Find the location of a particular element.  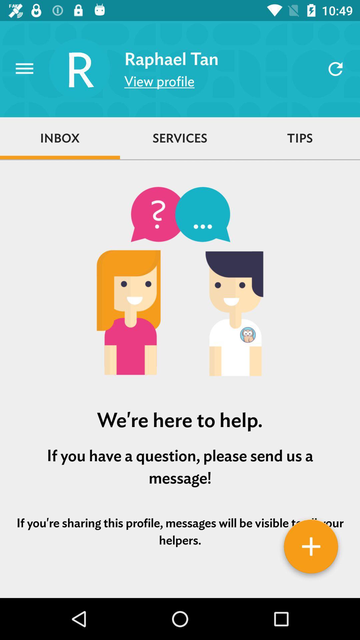

the refresh icon is located at coordinates (335, 69).